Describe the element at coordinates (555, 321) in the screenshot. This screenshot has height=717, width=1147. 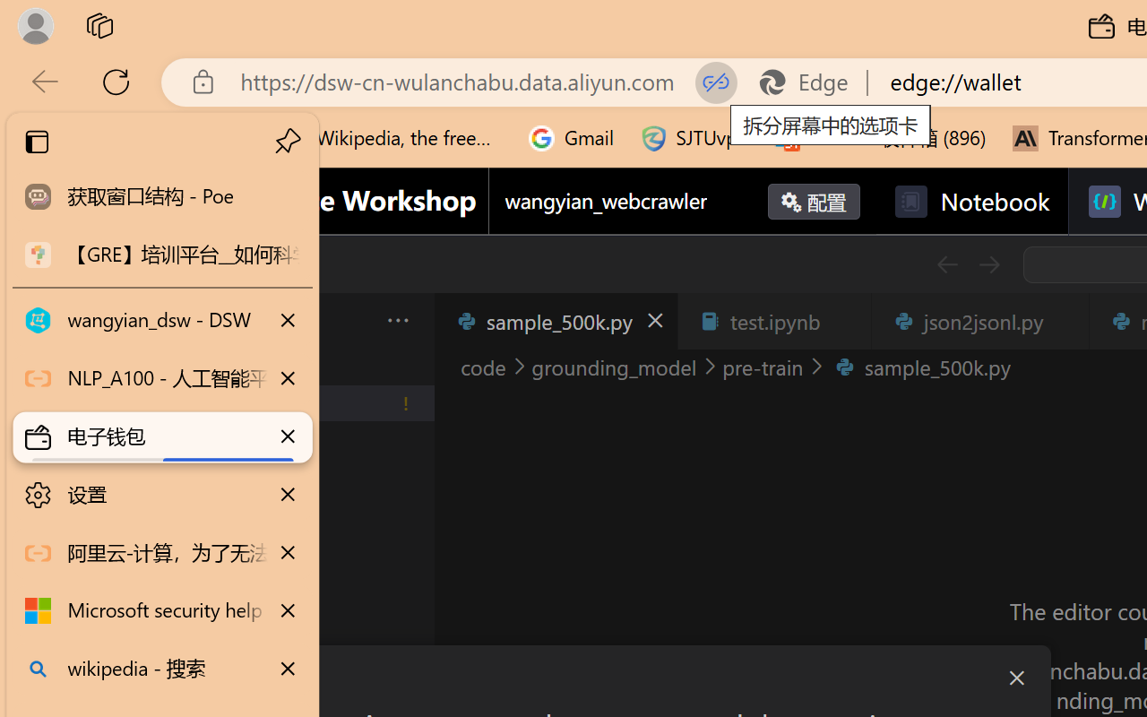
I see `'sample_500k.py'` at that location.